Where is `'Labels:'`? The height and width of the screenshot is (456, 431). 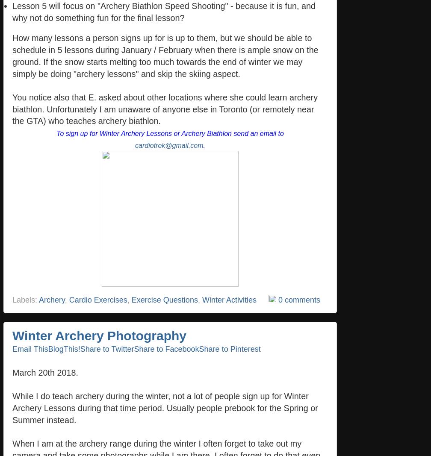
'Labels:' is located at coordinates (25, 300).